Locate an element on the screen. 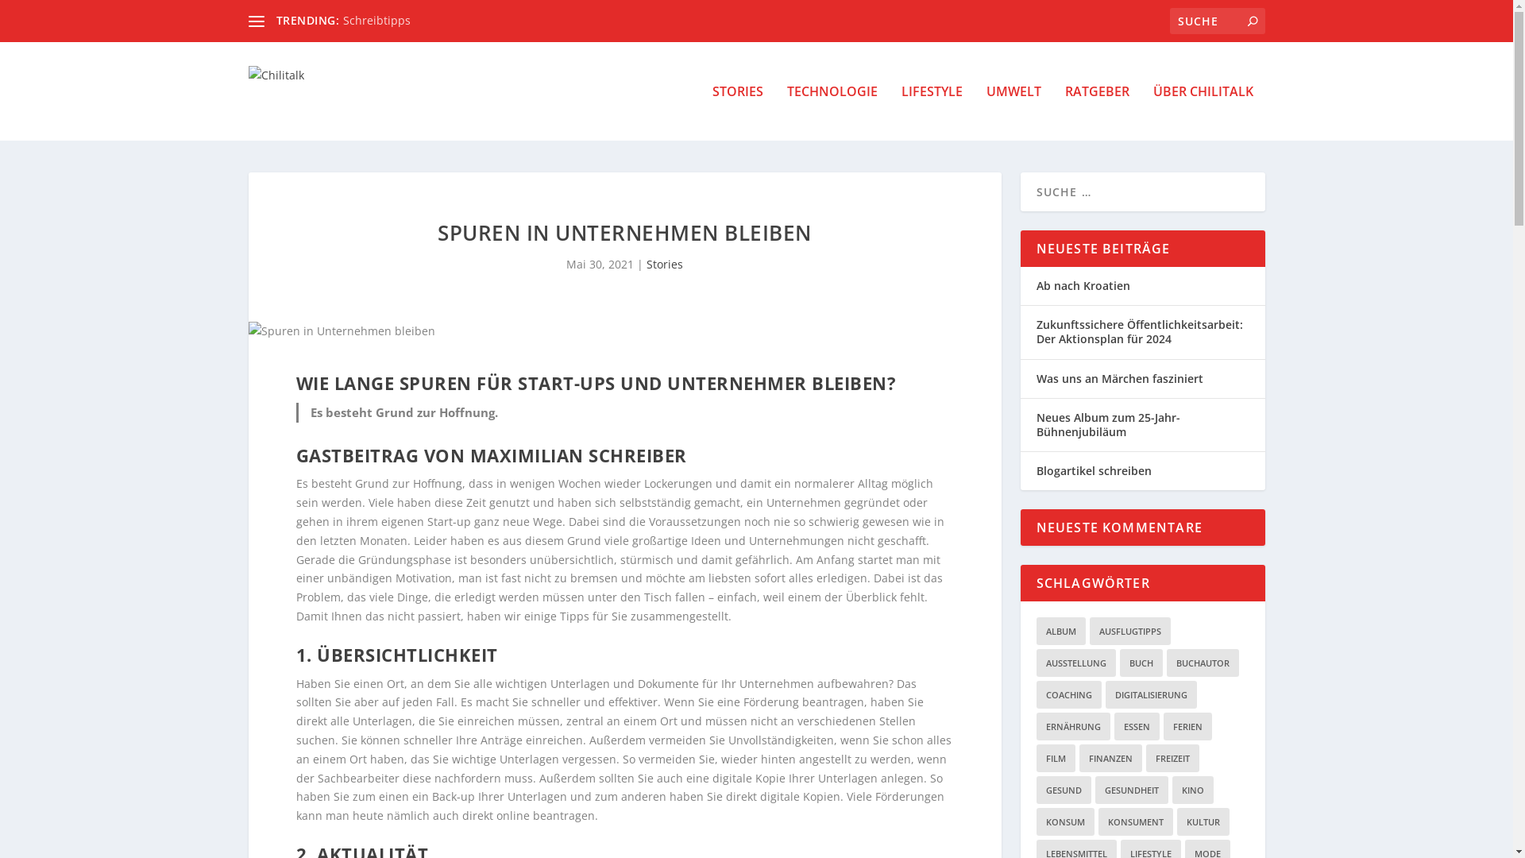 The image size is (1525, 858). 'COACHING' is located at coordinates (1067, 694).